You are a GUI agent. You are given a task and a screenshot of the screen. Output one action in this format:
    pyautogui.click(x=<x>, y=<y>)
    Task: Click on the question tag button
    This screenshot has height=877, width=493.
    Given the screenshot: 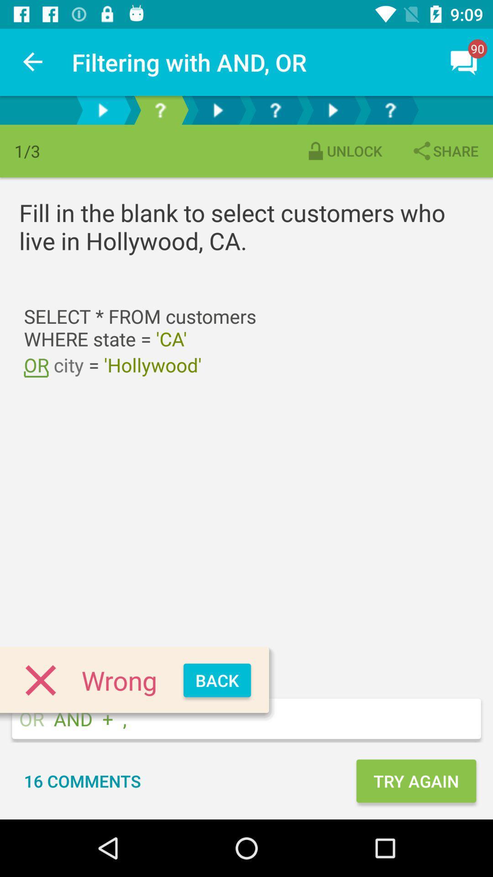 What is the action you would take?
    pyautogui.click(x=160, y=110)
    